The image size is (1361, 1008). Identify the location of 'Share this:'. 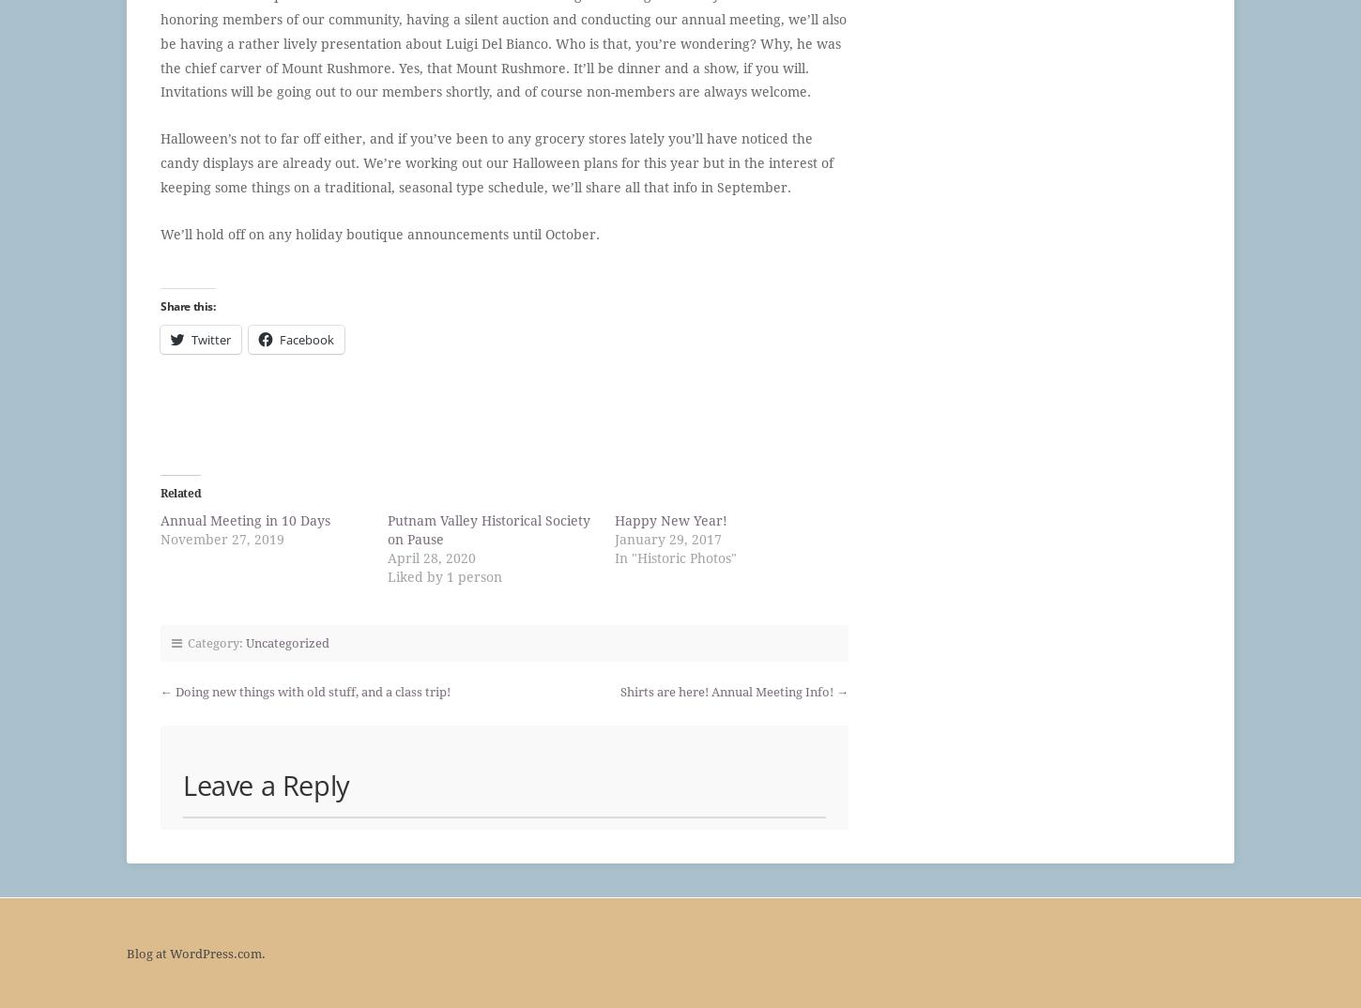
(186, 305).